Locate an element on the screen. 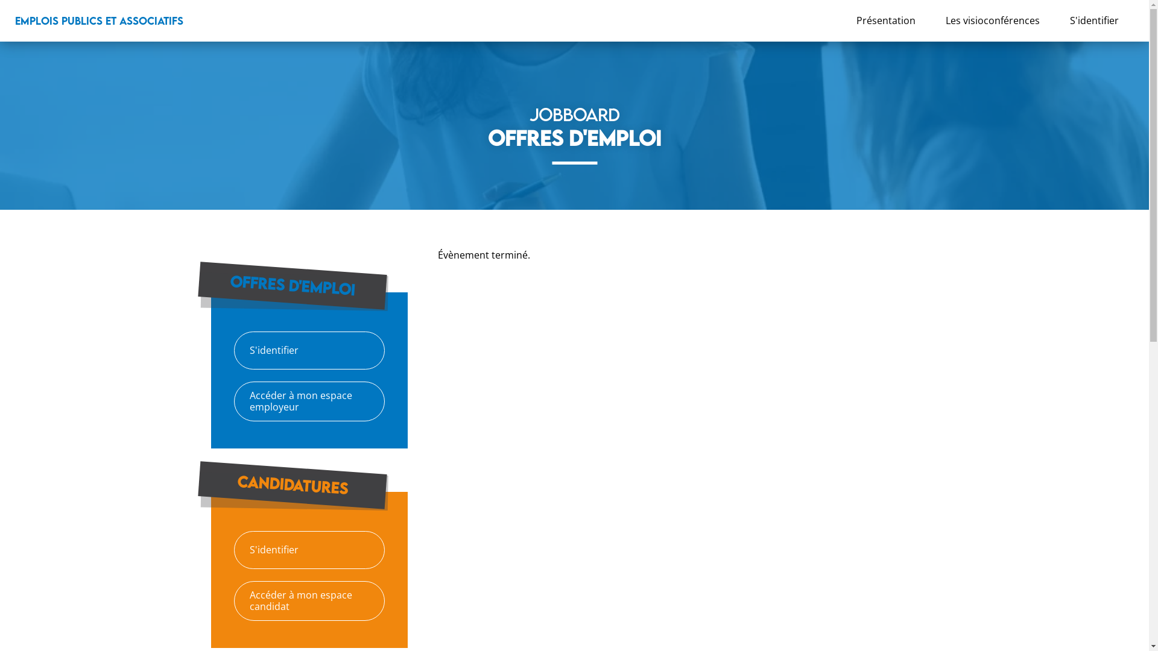 The width and height of the screenshot is (1158, 651). 'S'identifier' is located at coordinates (1094, 20).